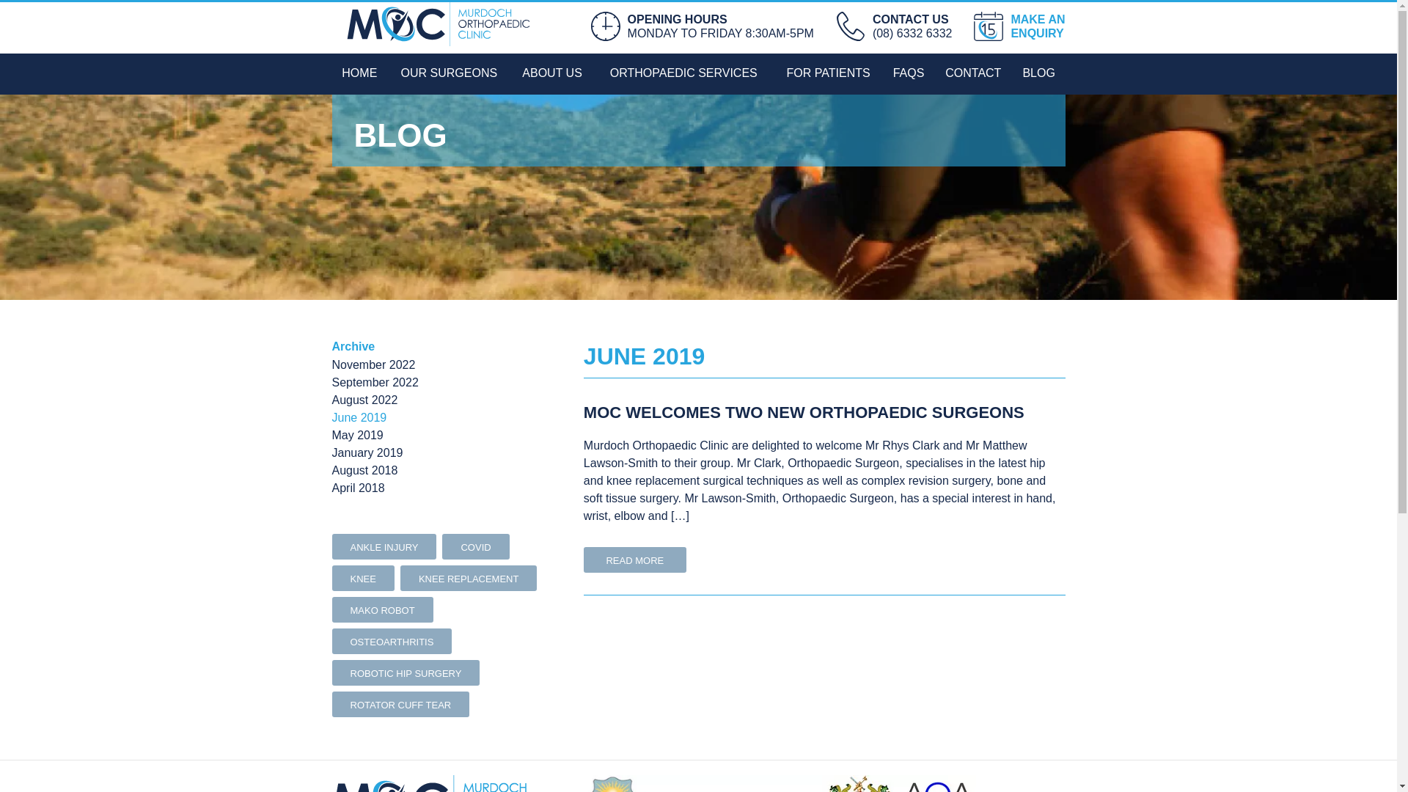  I want to click on 'OUR SURGEONS', so click(448, 73).